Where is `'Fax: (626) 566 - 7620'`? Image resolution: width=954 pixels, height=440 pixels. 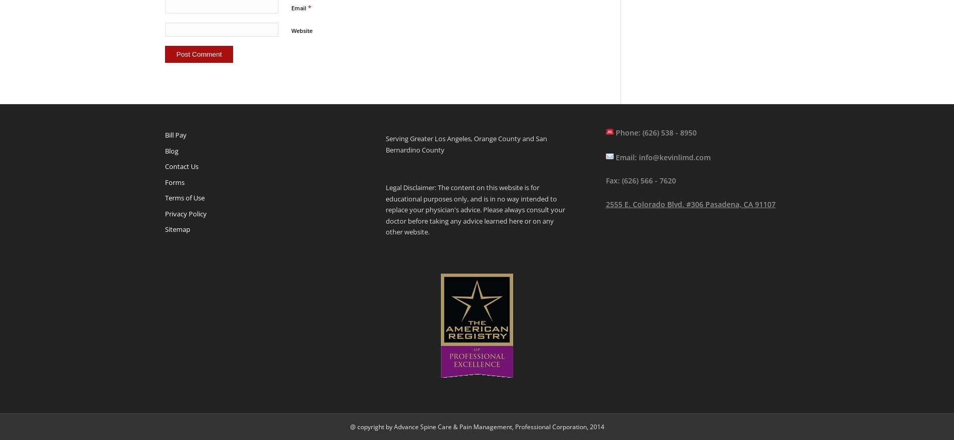 'Fax: (626) 566 - 7620' is located at coordinates (640, 180).